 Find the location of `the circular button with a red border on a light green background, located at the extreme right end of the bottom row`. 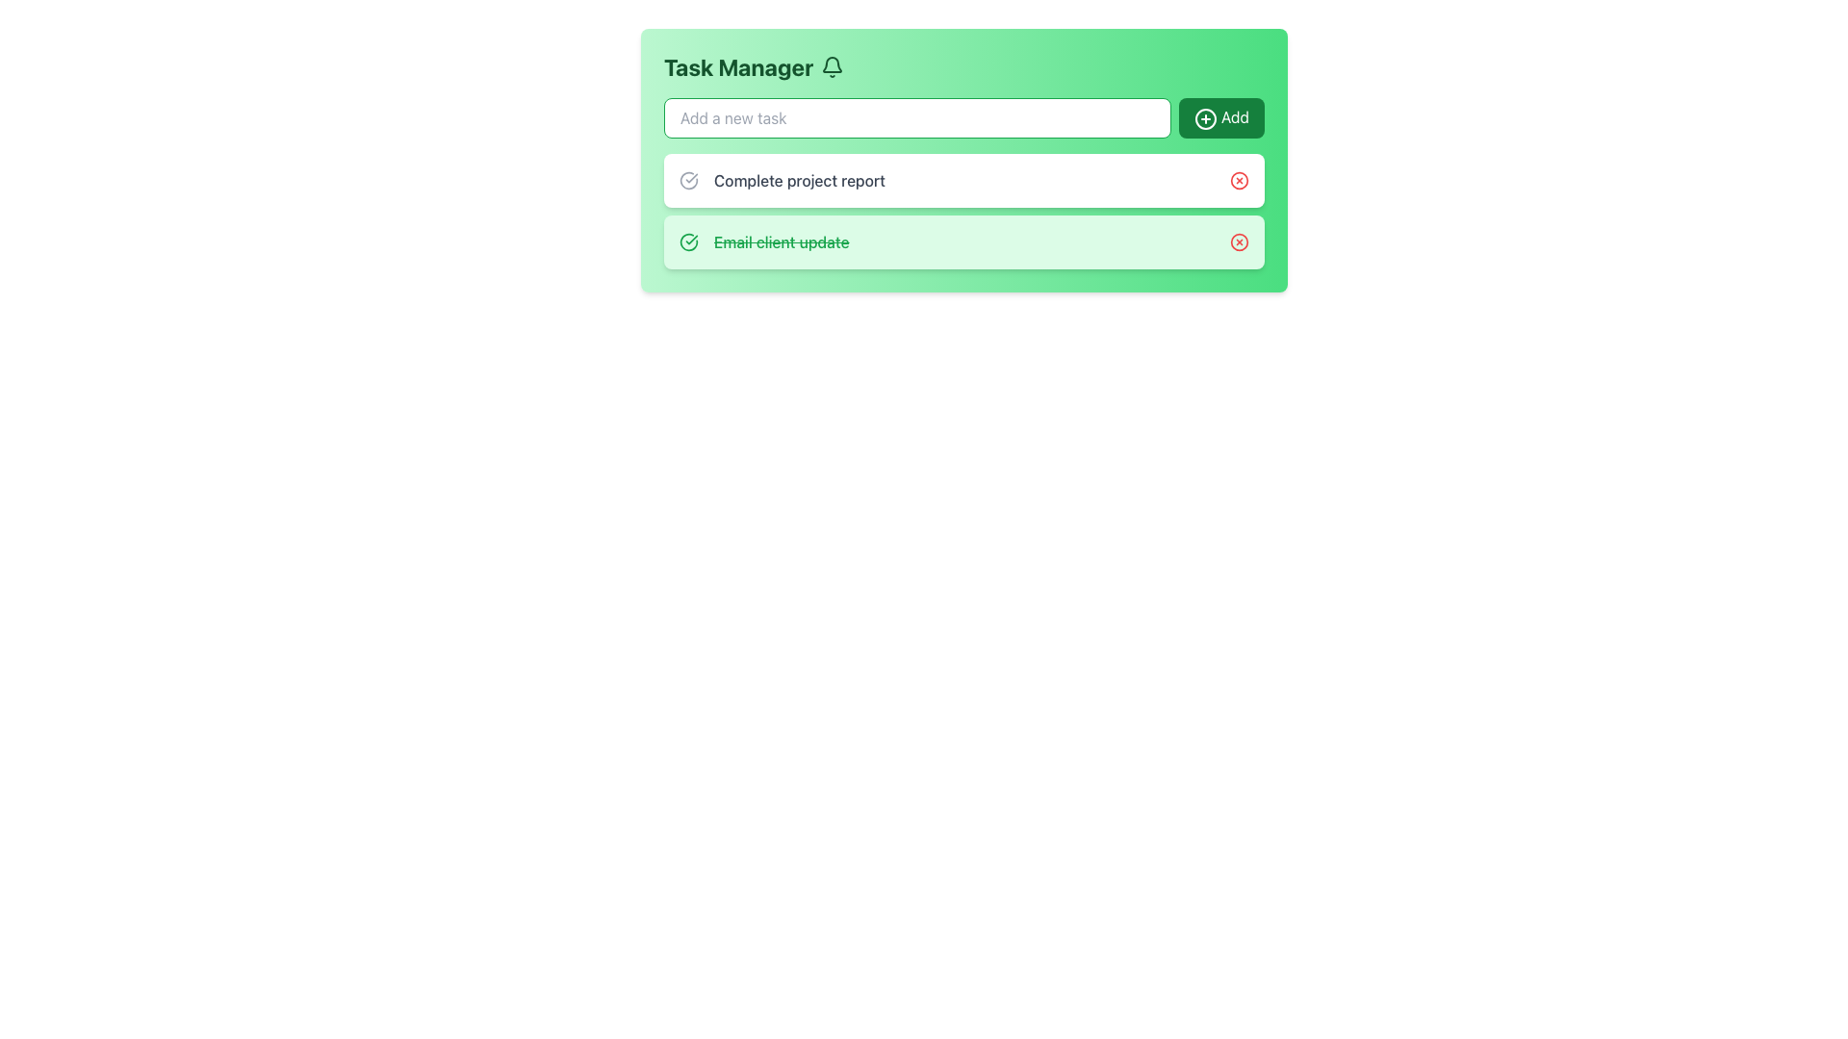

the circular button with a red border on a light green background, located at the extreme right end of the bottom row is located at coordinates (1239, 241).